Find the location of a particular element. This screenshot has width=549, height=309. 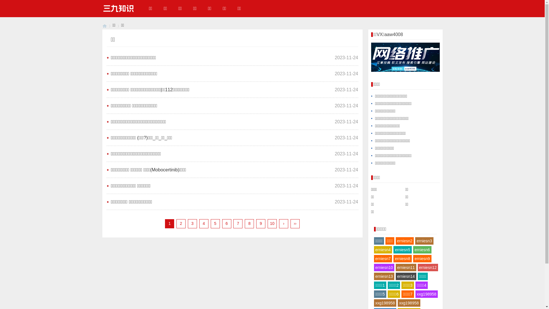

'erniesn13' is located at coordinates (384, 276).